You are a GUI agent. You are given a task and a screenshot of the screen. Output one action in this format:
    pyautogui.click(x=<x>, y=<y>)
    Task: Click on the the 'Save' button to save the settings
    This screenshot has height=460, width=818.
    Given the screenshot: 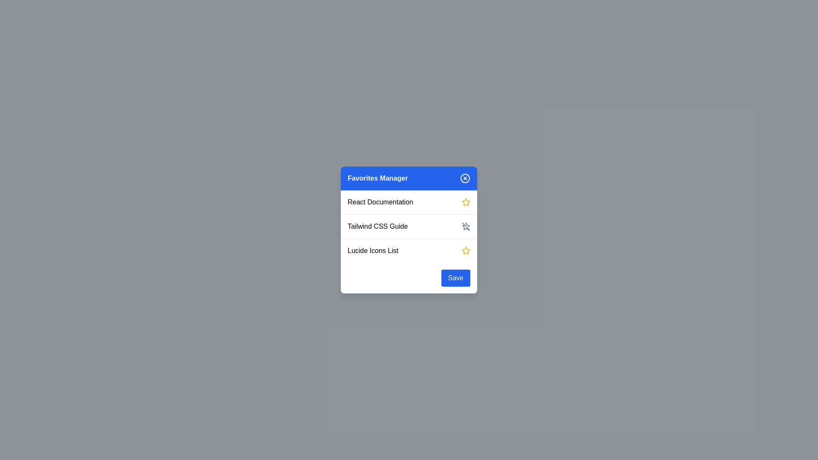 What is the action you would take?
    pyautogui.click(x=455, y=278)
    